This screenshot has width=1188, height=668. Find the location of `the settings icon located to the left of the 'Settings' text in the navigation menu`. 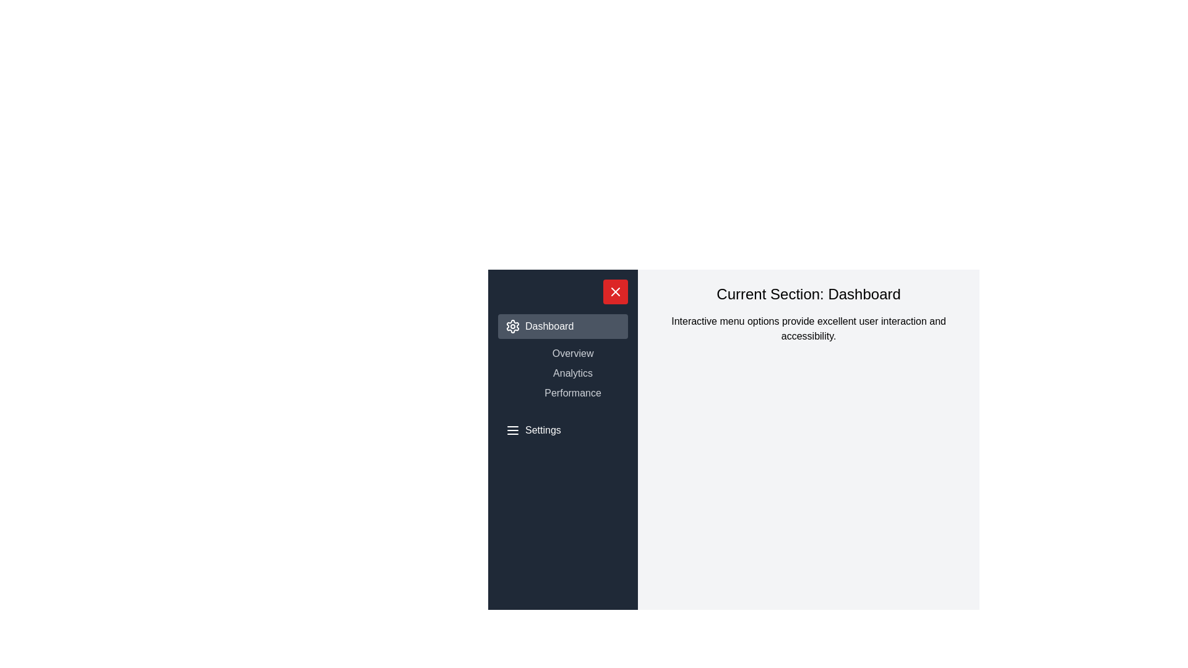

the settings icon located to the left of the 'Settings' text in the navigation menu is located at coordinates (513, 429).